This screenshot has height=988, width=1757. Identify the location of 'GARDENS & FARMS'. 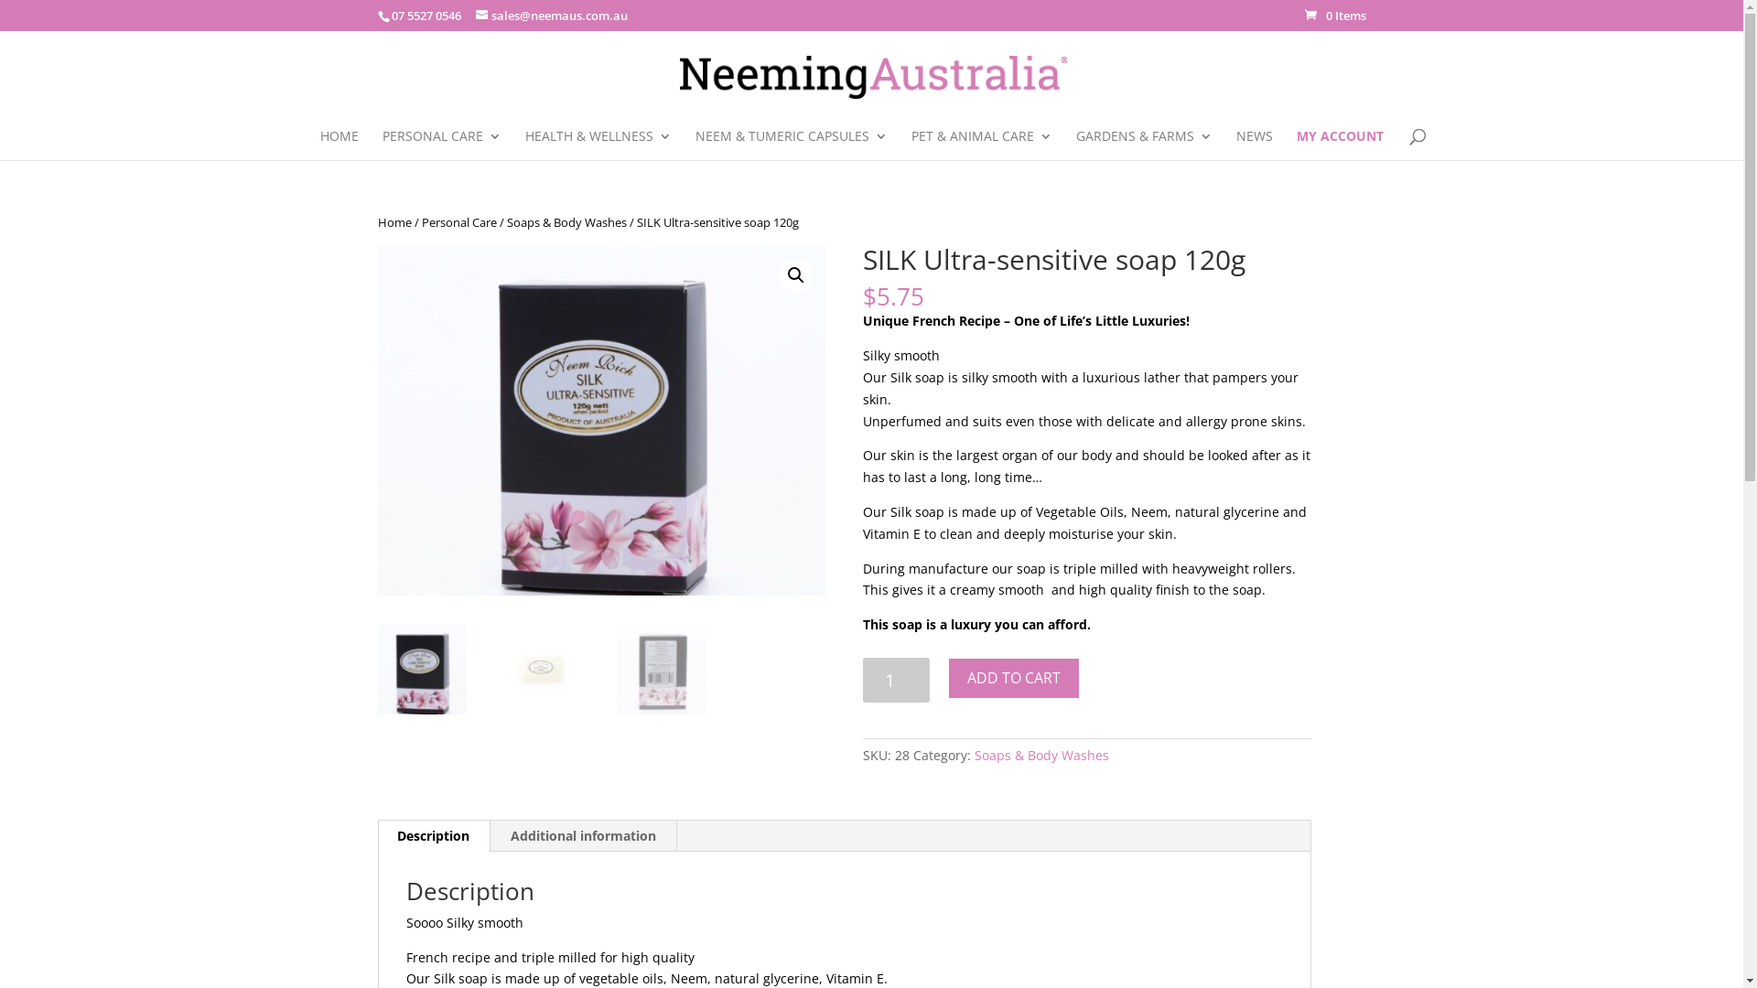
(1143, 144).